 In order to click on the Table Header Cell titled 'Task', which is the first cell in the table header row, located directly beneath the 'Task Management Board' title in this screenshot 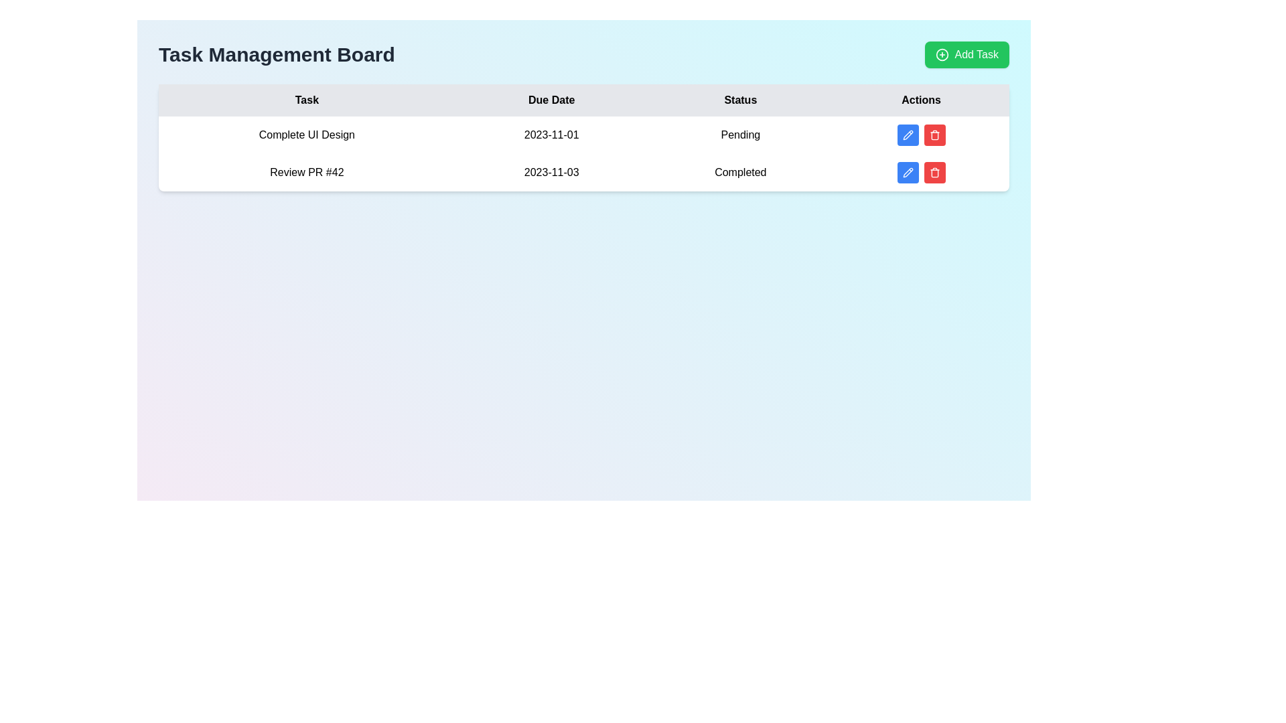, I will do `click(306, 100)`.